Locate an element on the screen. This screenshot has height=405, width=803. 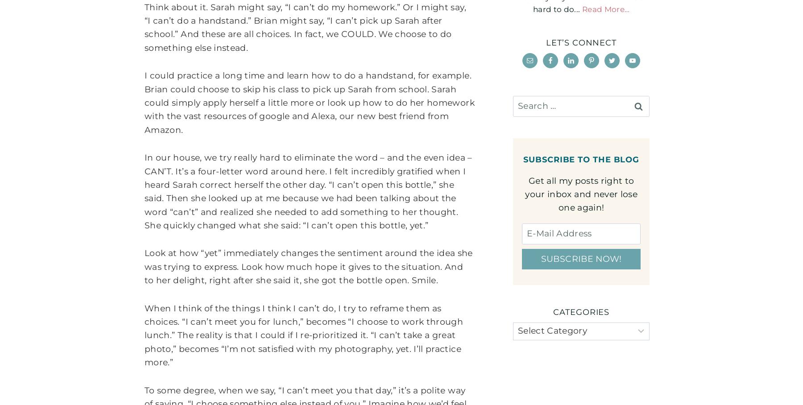
'Think about it. Sarah might say, “I can’t do my homework.” Or I might say, “I can’t do a handstand.” Brian might say, “I can’t pick up Sarah after school.” And these are all choices. In fact, we COULD. We choose to do something else instead.' is located at coordinates (305, 27).